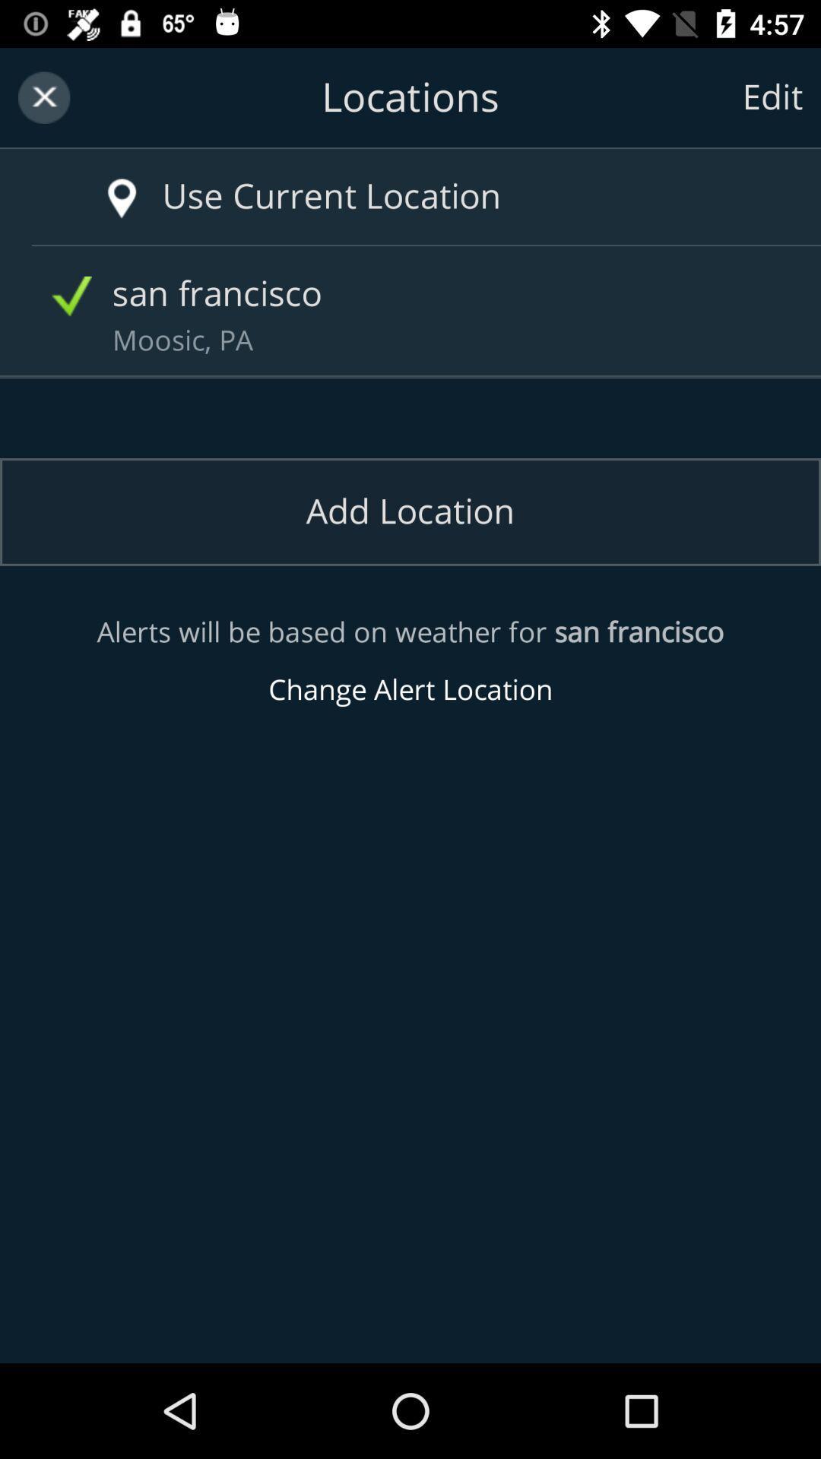 Image resolution: width=821 pixels, height=1459 pixels. Describe the element at coordinates (43, 97) in the screenshot. I see `the window` at that location.